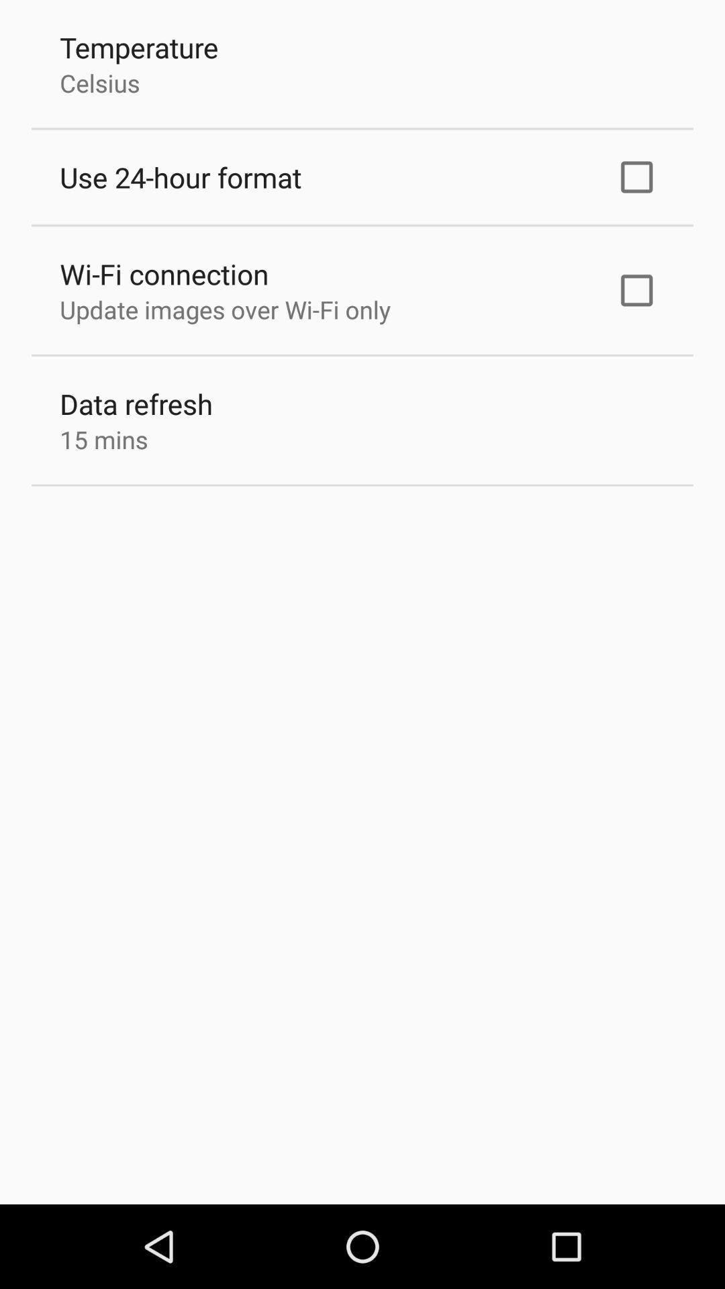 This screenshot has width=725, height=1289. I want to click on update images over icon, so click(224, 309).